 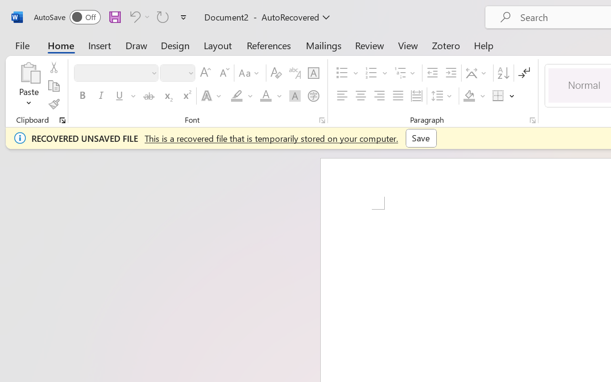 I want to click on 'Grow Font', so click(x=205, y=73).